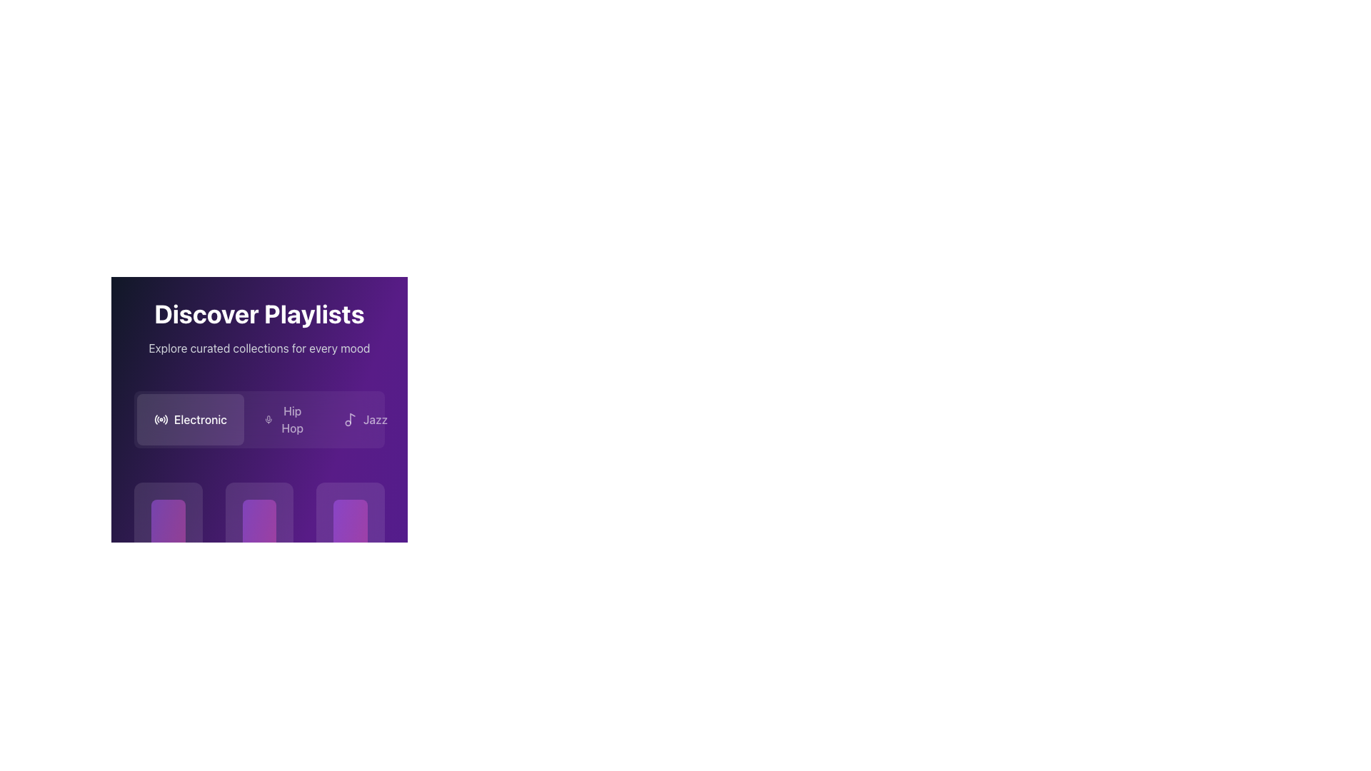  Describe the element at coordinates (161, 418) in the screenshot. I see `the circular icon resembling a radio wave symbol, which is part of the 'Electronic' category button located at the top of the interface` at that location.